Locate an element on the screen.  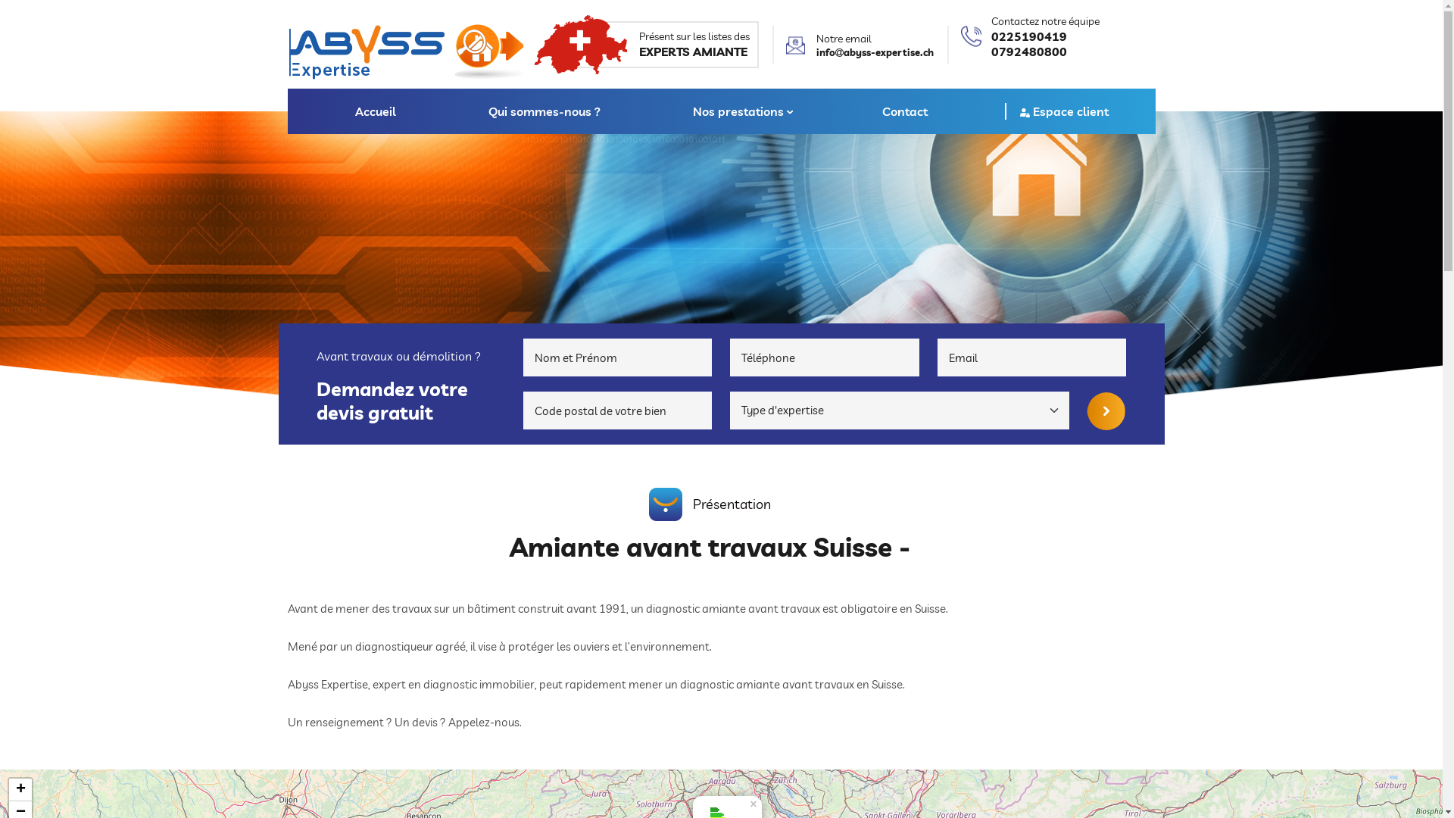
'Espace client' is located at coordinates (1063, 110).